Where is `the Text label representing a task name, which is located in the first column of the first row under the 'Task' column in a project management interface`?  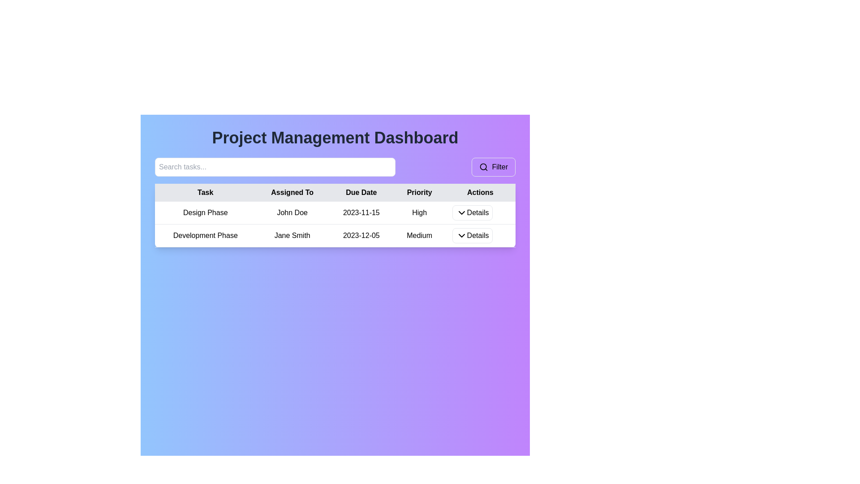
the Text label representing a task name, which is located in the first column of the first row under the 'Task' column in a project management interface is located at coordinates (205, 213).